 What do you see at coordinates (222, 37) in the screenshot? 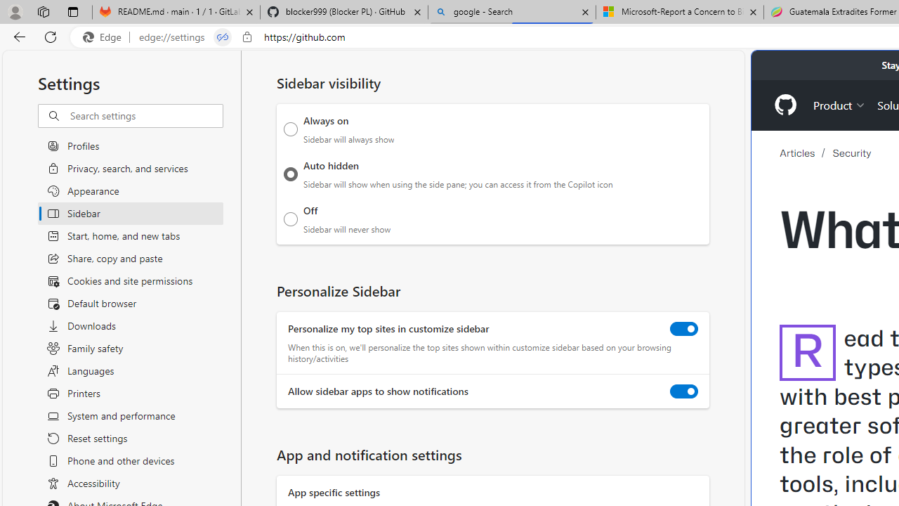
I see `'Tabs in split screen'` at bounding box center [222, 37].